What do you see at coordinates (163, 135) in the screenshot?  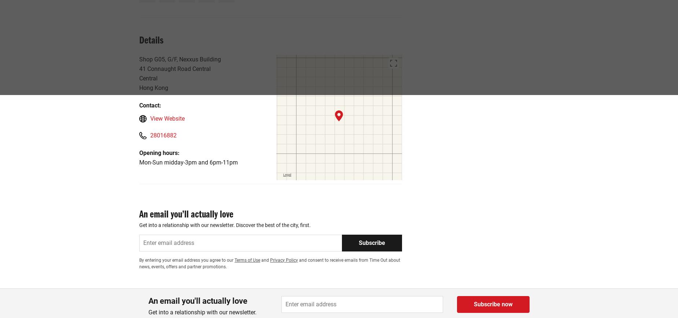 I see `'28016882'` at bounding box center [163, 135].